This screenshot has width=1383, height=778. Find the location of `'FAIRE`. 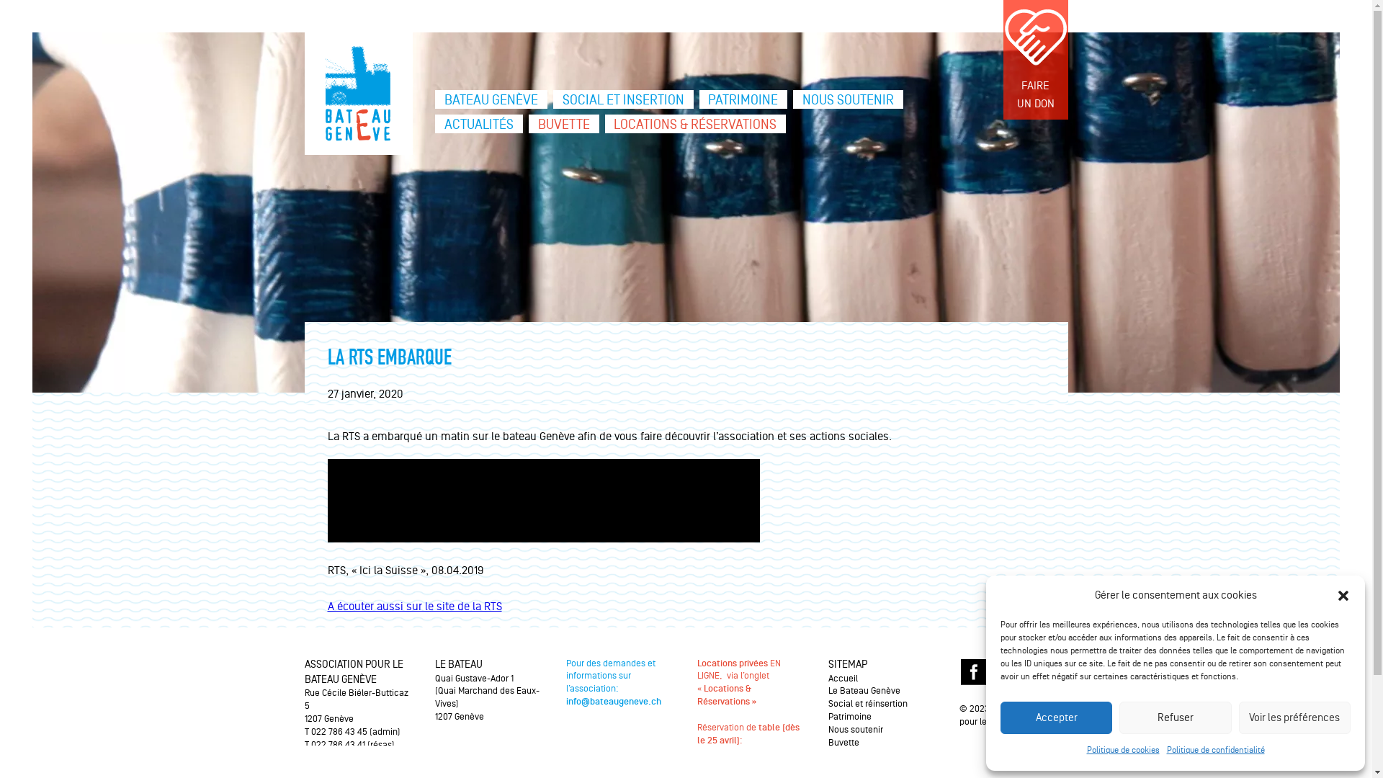

'FAIRE is located at coordinates (1034, 59).